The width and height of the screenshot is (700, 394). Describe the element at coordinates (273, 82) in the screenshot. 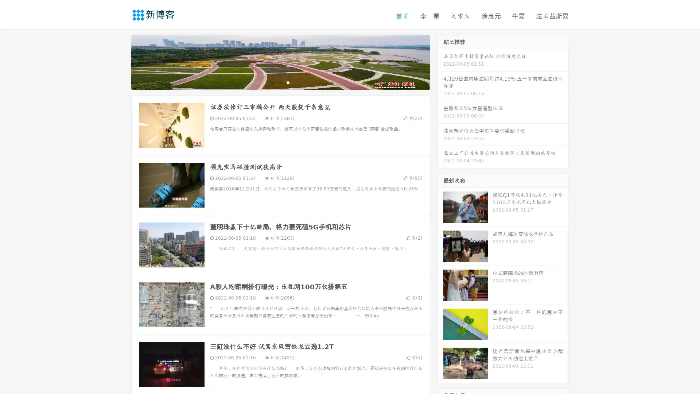

I see `Go to slide 1` at that location.